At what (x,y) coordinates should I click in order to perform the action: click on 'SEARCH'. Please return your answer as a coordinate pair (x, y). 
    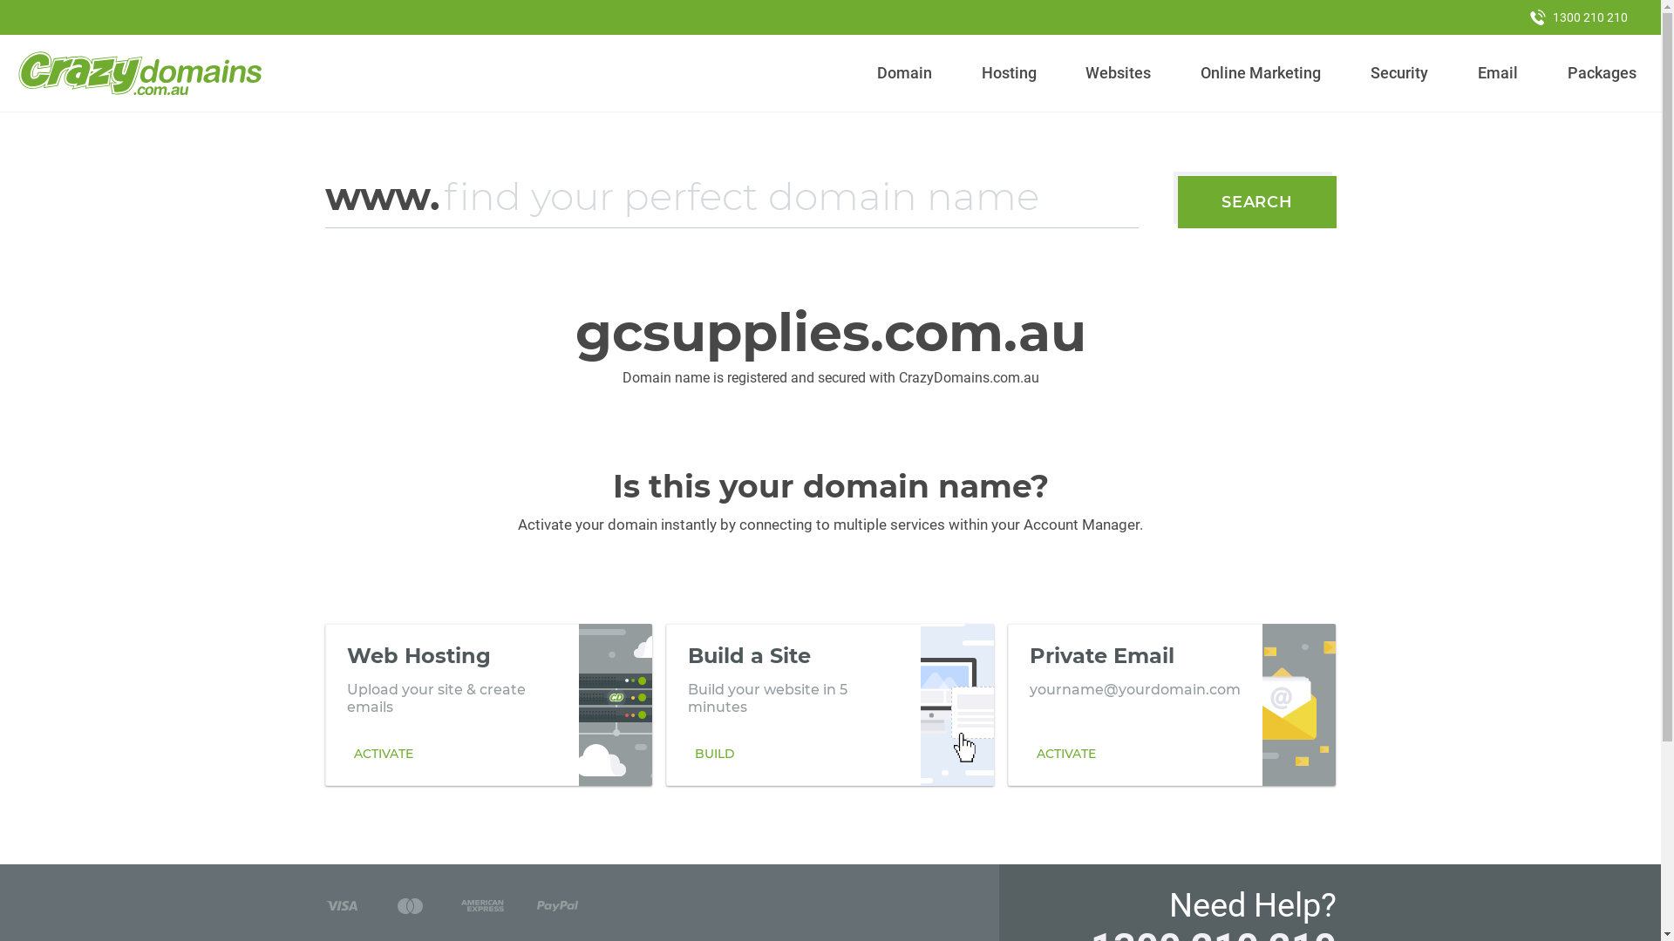
    Looking at the image, I should click on (1256, 200).